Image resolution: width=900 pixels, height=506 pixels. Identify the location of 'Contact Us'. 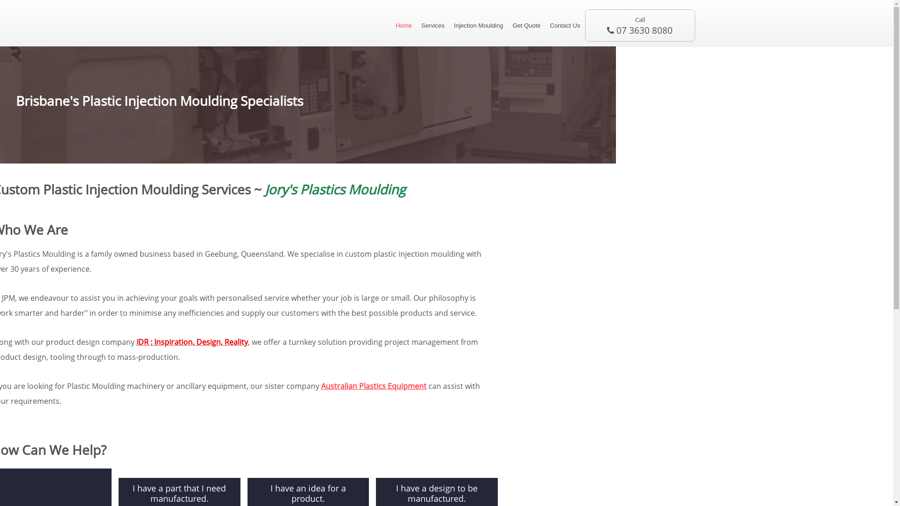
(564, 25).